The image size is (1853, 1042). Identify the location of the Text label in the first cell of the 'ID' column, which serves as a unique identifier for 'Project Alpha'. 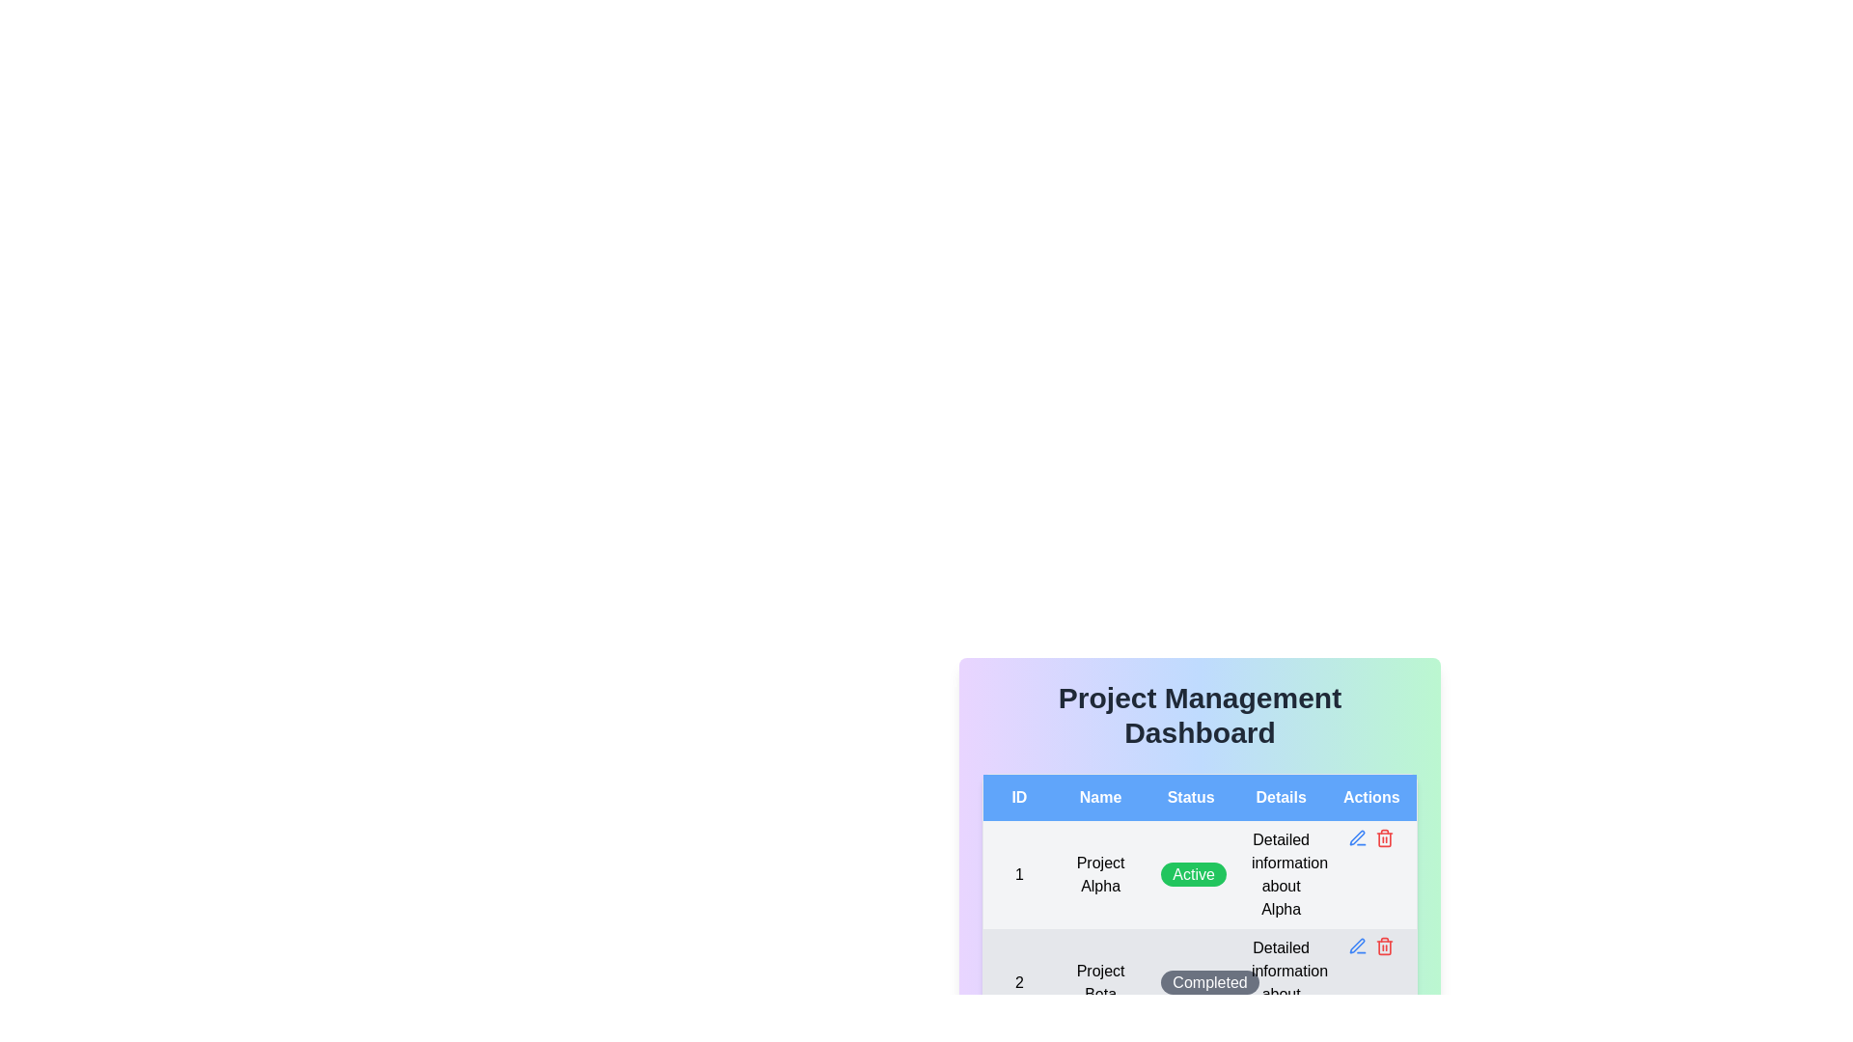
(1018, 874).